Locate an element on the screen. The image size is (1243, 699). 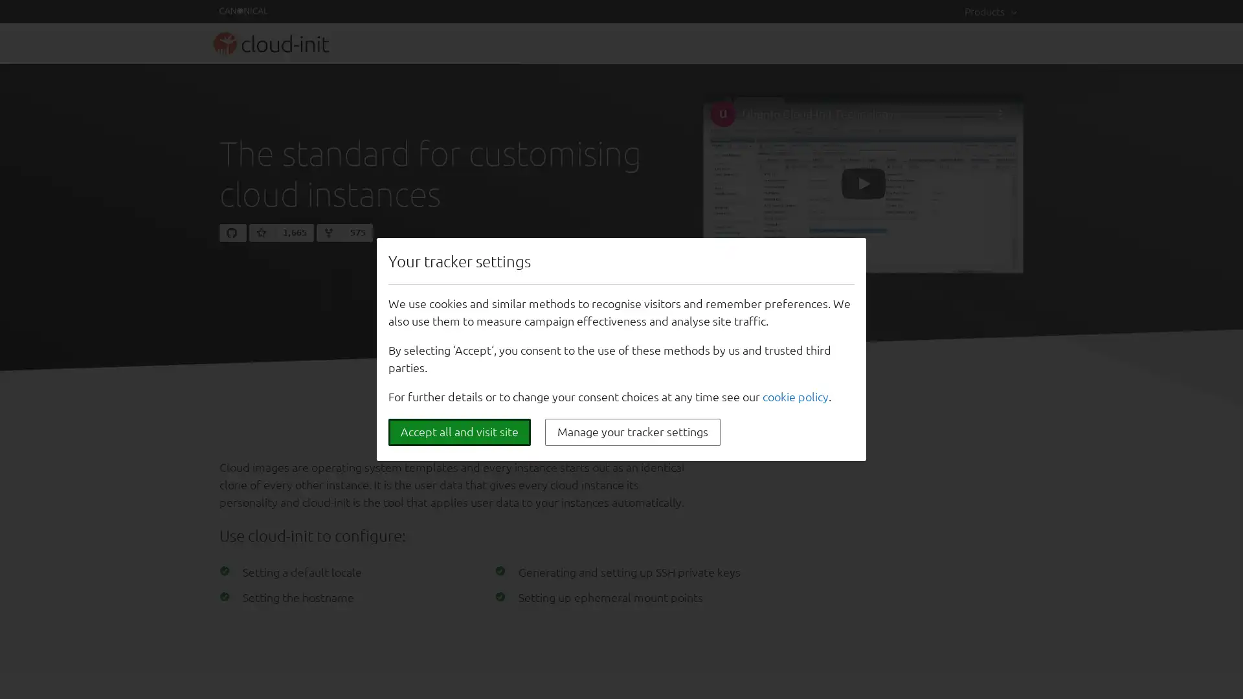
Manage your tracker settings is located at coordinates (633, 432).